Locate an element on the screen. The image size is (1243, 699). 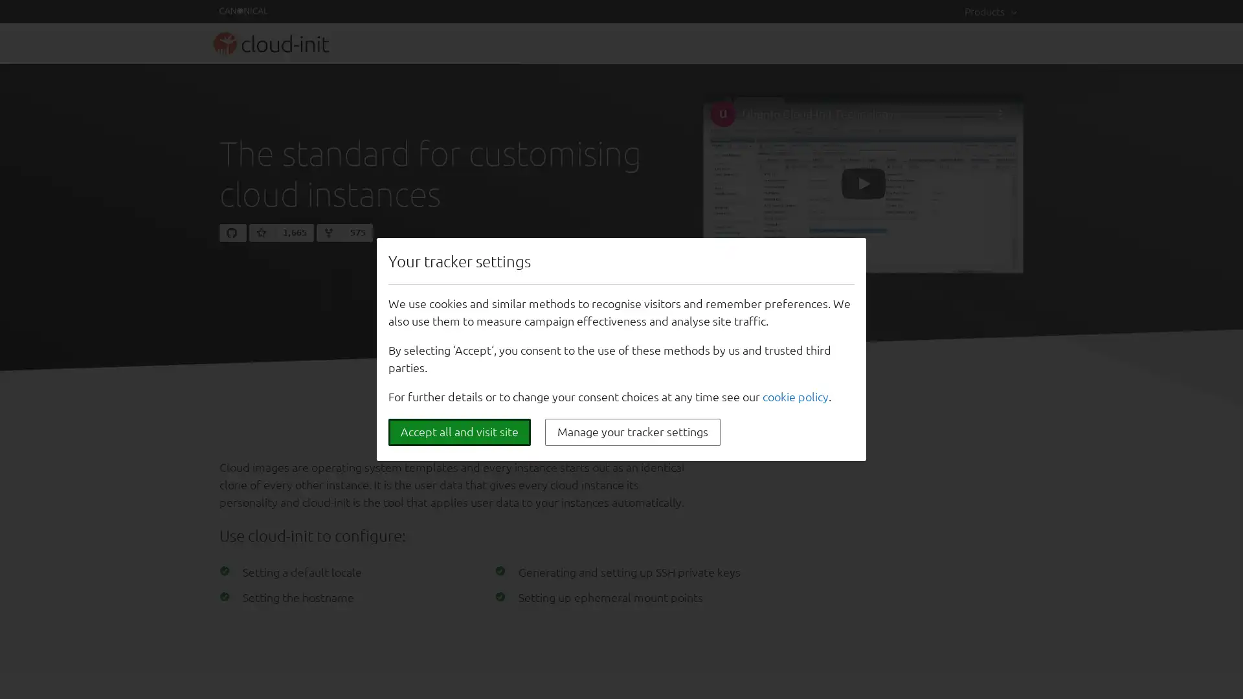
Manage your tracker settings is located at coordinates (633, 432).